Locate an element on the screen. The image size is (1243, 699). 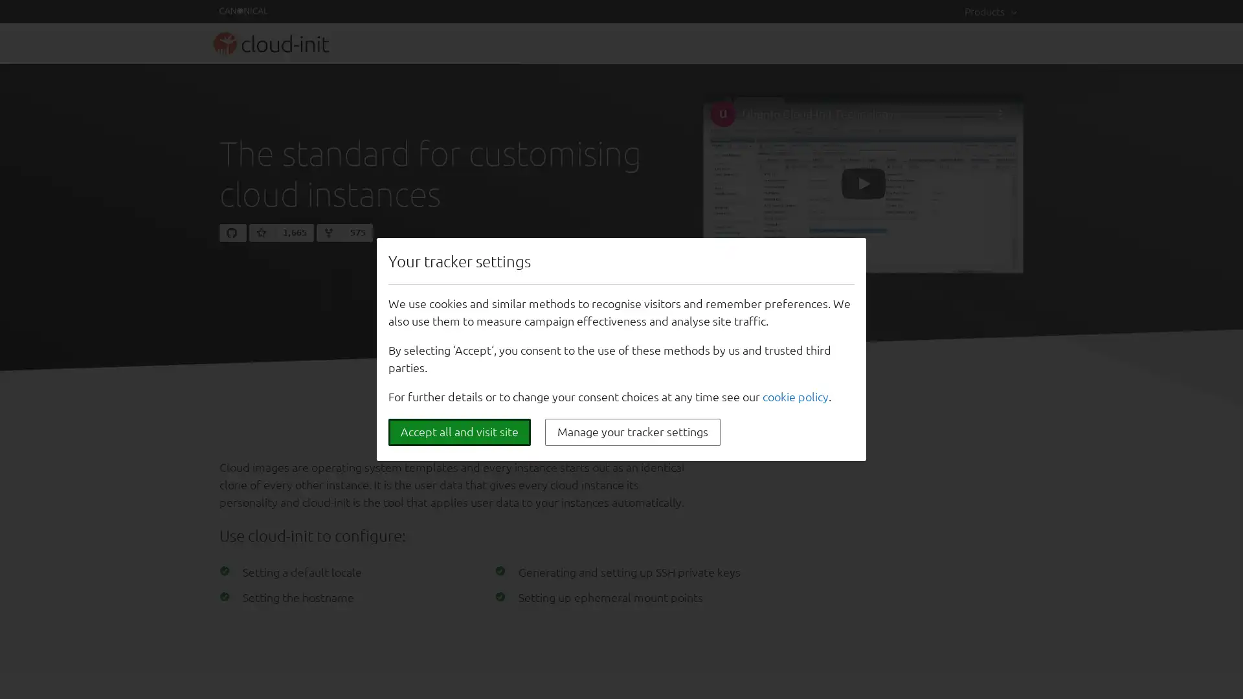
Manage your tracker settings is located at coordinates (633, 432).